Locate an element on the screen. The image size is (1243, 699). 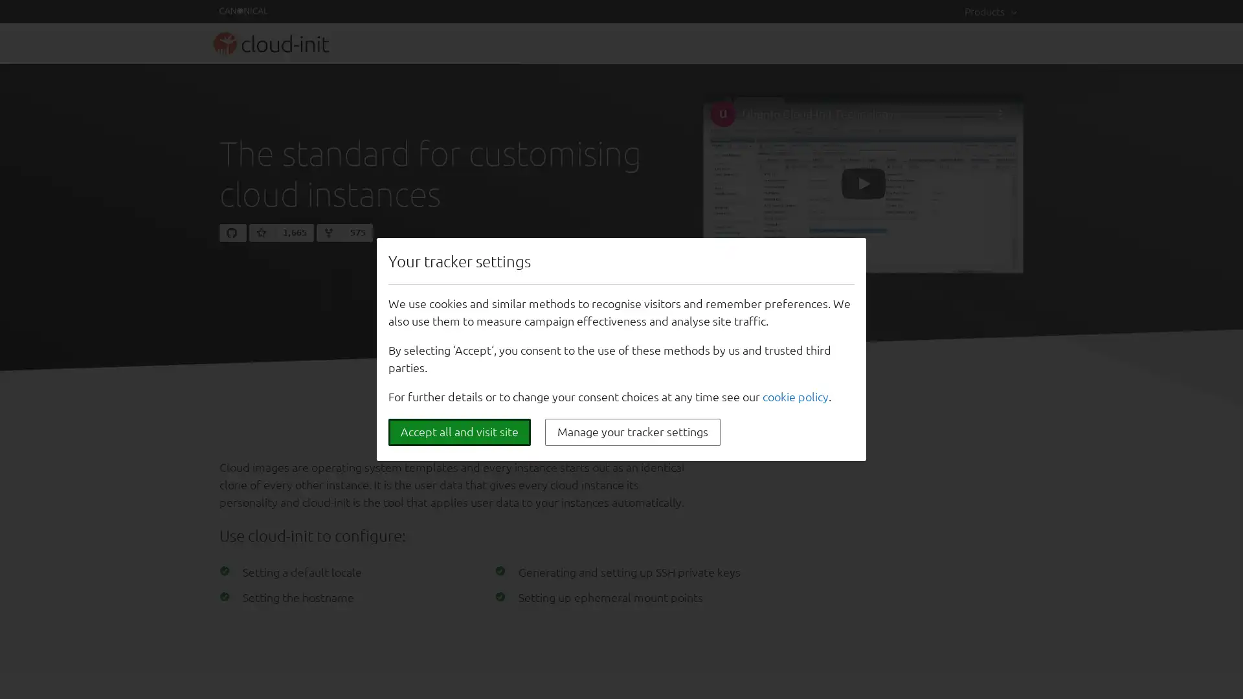
Manage your tracker settings is located at coordinates (633, 432).